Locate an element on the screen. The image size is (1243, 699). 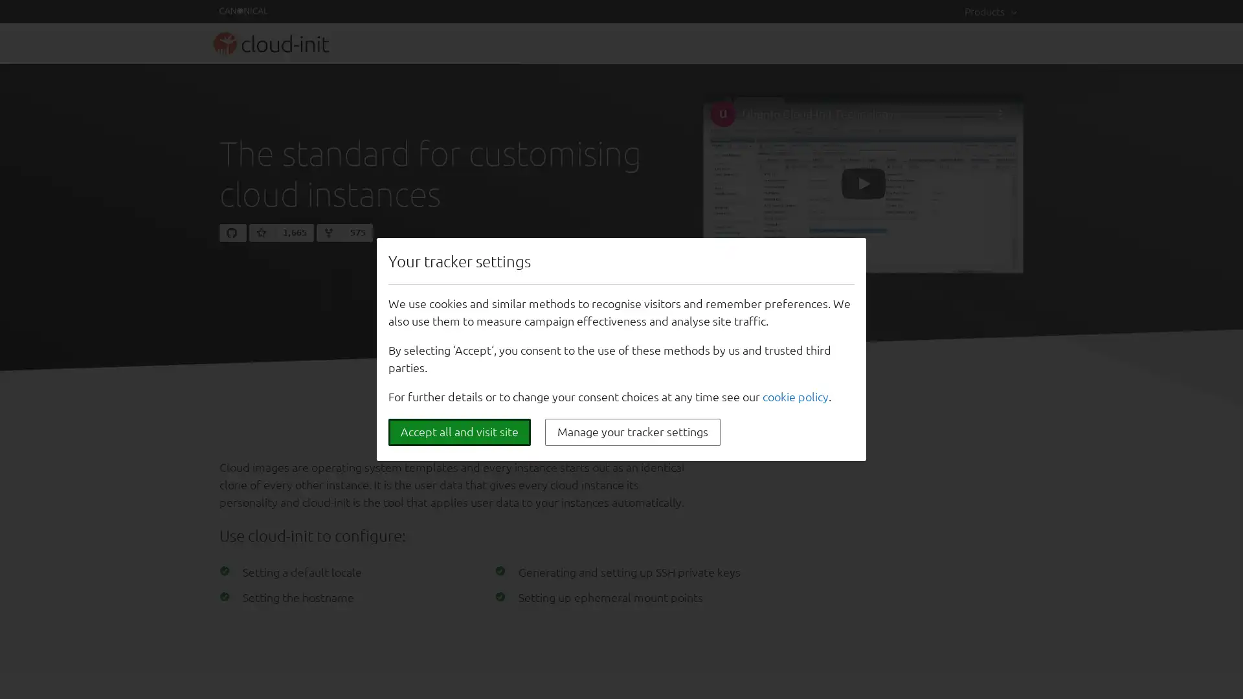
Manage your tracker settings is located at coordinates (633, 432).